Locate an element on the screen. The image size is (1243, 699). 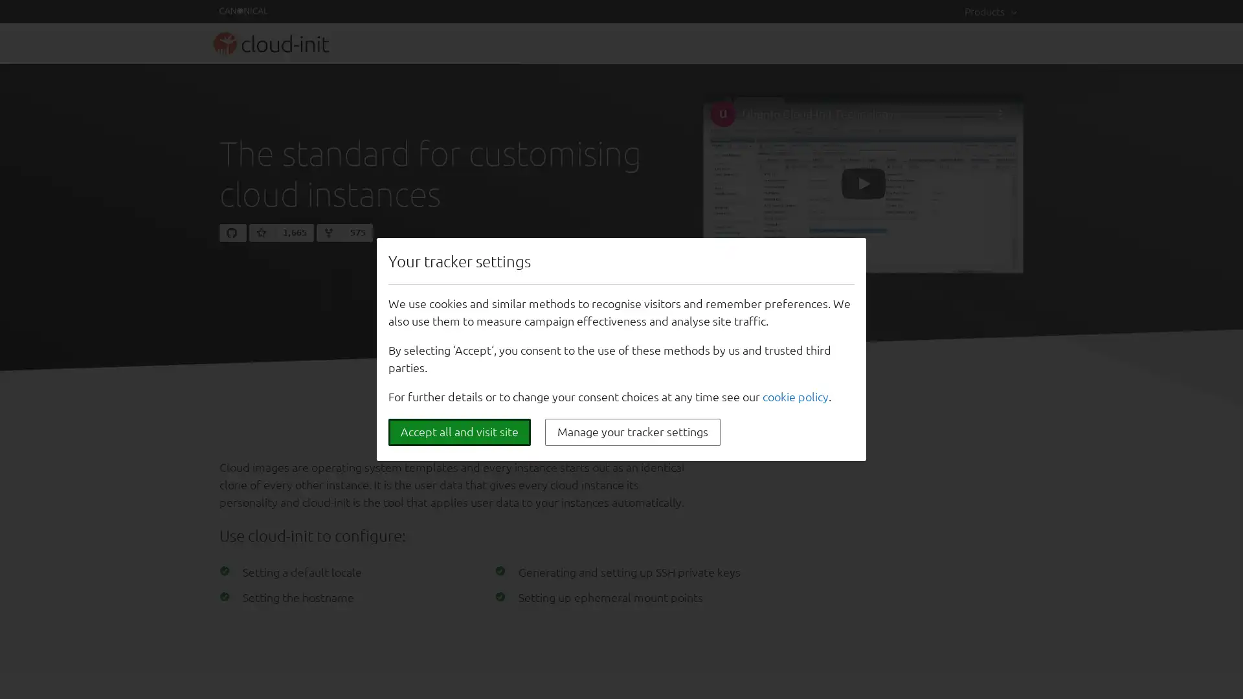
Manage your tracker settings is located at coordinates (633, 432).